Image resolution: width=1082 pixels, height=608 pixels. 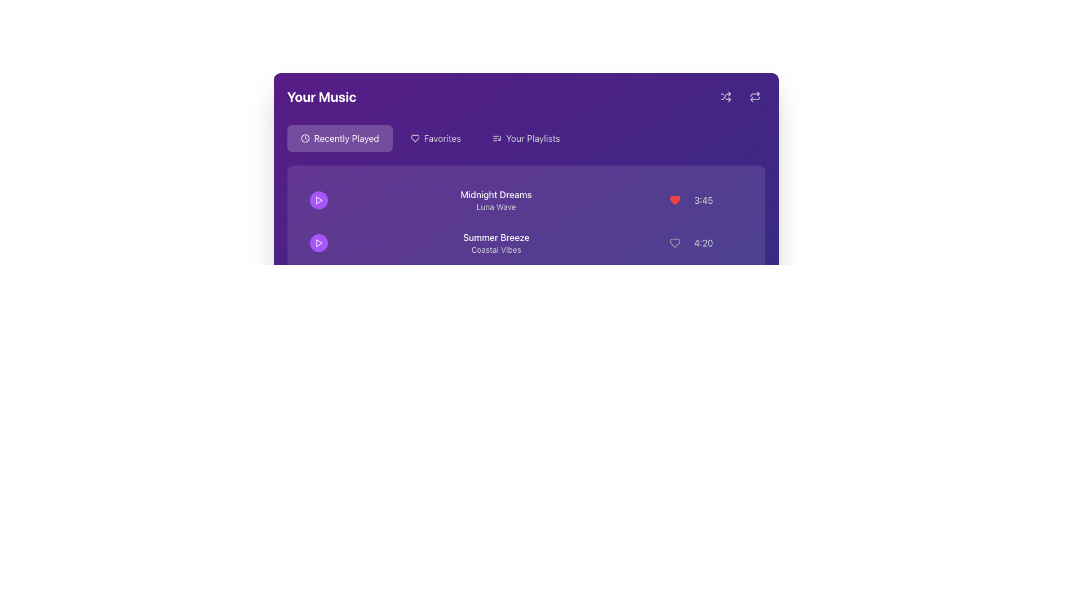 I want to click on the 'Favorites' button, which is the second button in a horizontal list of three options below the 'Your Music' label, featuring a heart icon and the text 'Favorites', so click(x=435, y=138).